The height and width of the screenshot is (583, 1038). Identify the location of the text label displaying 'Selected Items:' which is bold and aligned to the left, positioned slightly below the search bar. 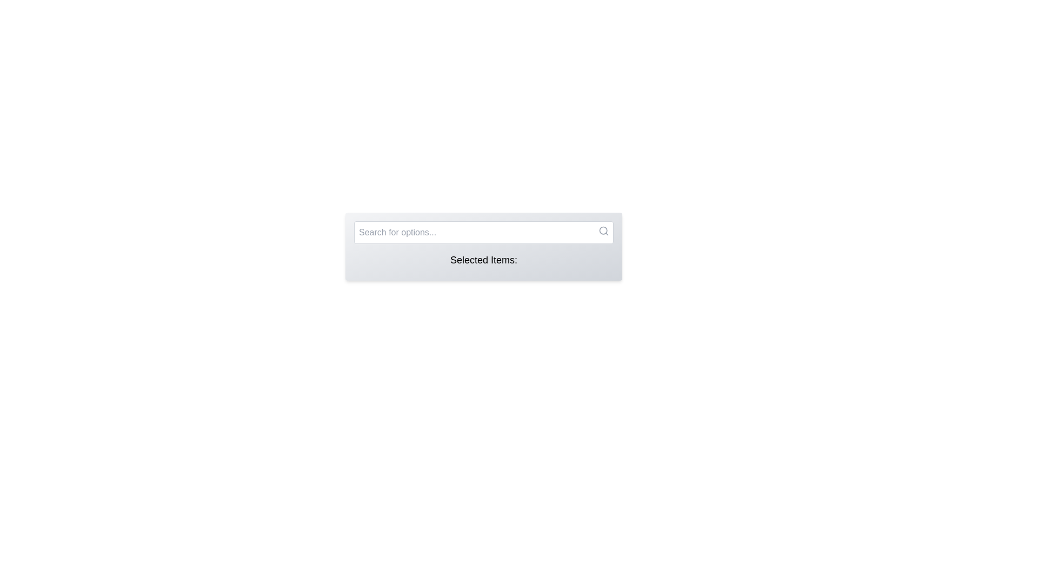
(483, 260).